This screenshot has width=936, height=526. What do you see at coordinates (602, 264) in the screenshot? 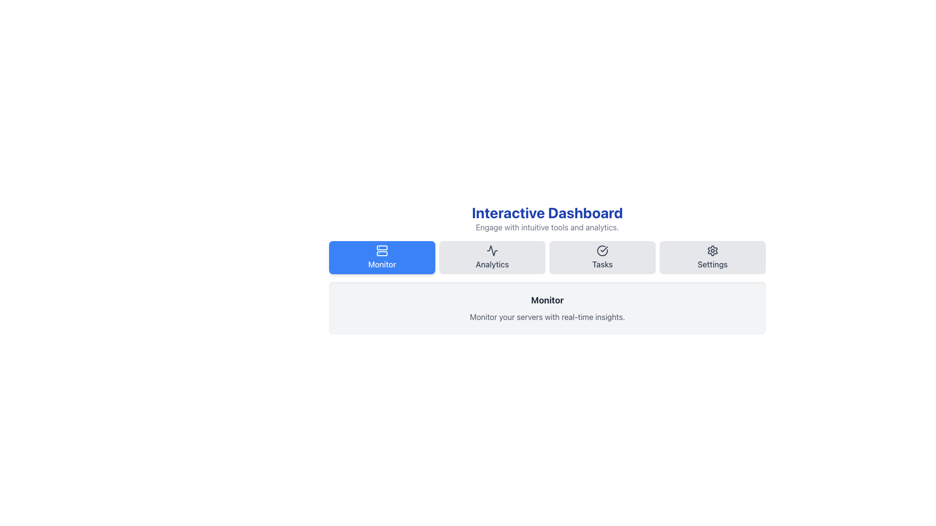
I see `the 'Tasks' text label, which is the third item in a row of four options located near the top of the dashboard, positioned between 'Analytics' and 'Settings'` at bounding box center [602, 264].